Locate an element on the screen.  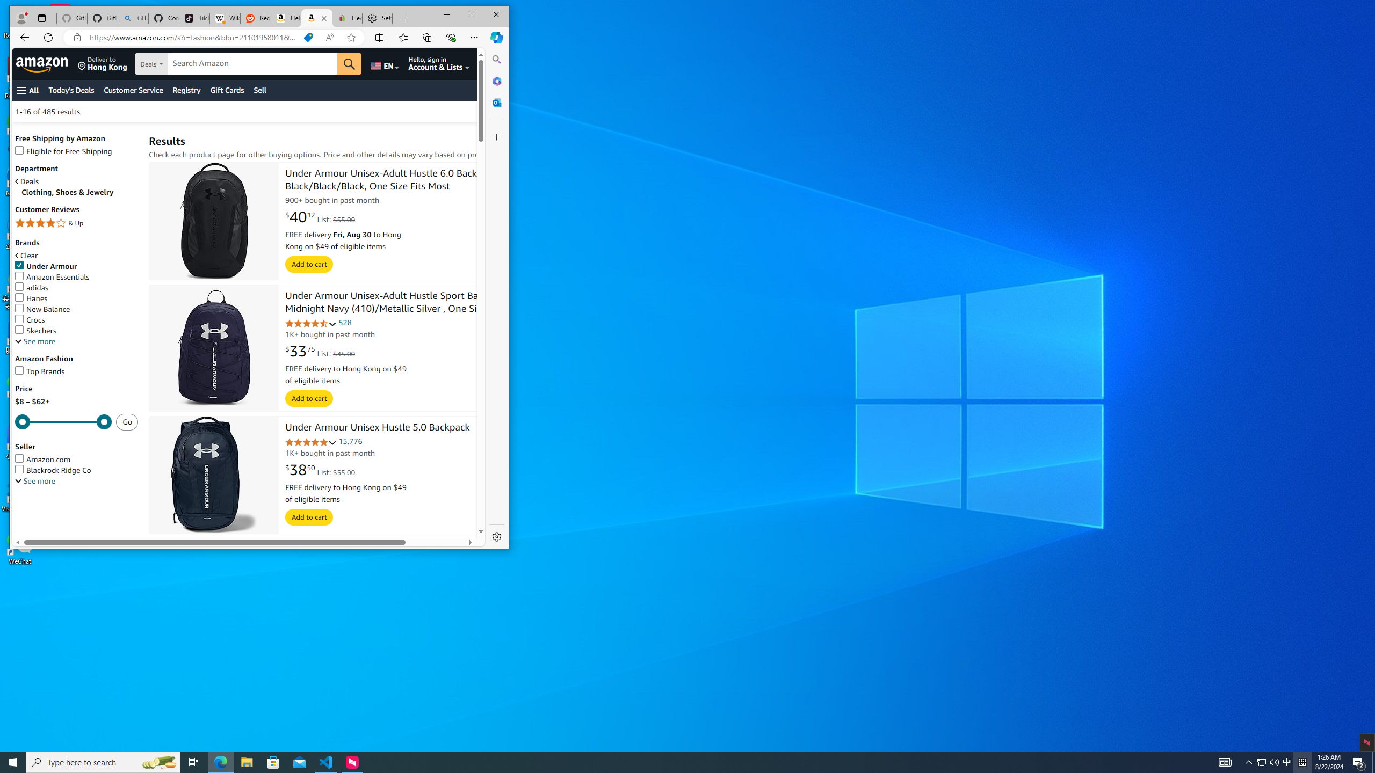
'Wikipedia, the free encyclopedia' is located at coordinates (224, 18).